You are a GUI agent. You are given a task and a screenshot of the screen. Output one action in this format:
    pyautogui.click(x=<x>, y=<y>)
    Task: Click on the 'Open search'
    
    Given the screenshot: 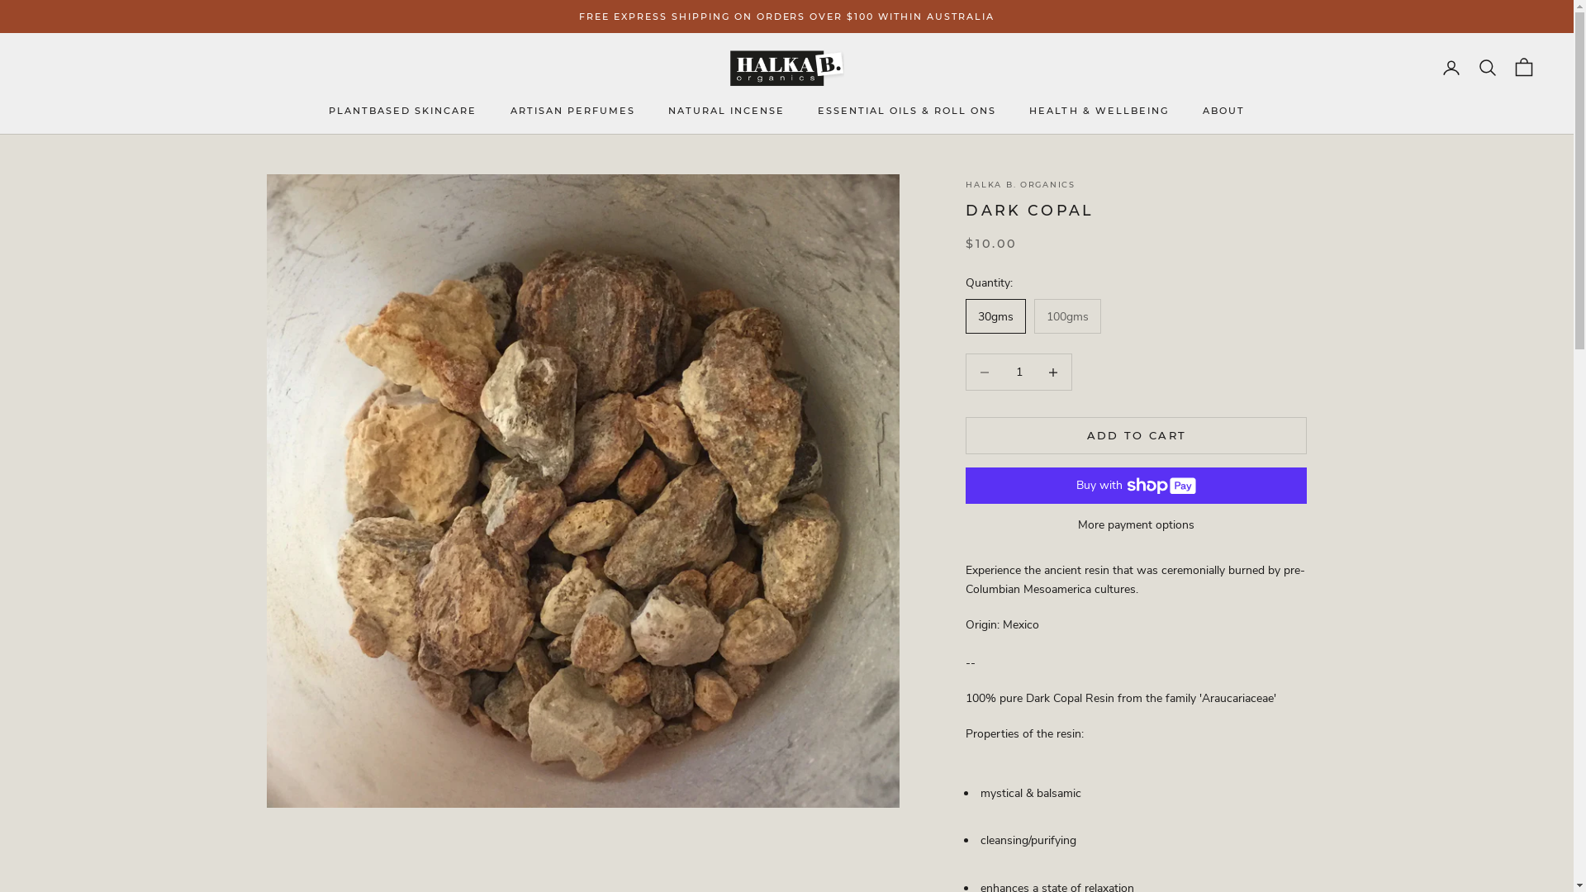 What is the action you would take?
    pyautogui.click(x=1487, y=66)
    